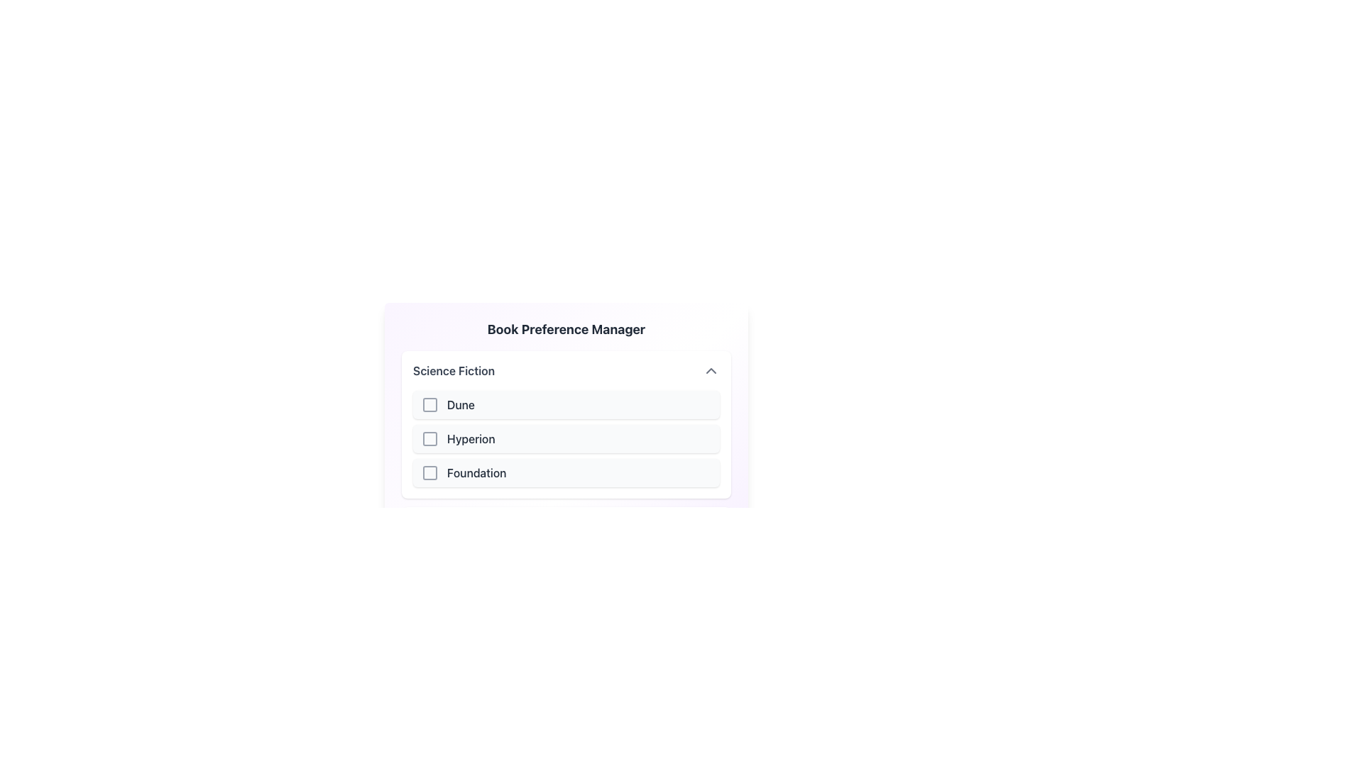 The height and width of the screenshot is (766, 1363). Describe the element at coordinates (565, 370) in the screenshot. I see `the 'Science Fiction' Dropdown Menu Header to enable navigation with keyboard controls` at that location.